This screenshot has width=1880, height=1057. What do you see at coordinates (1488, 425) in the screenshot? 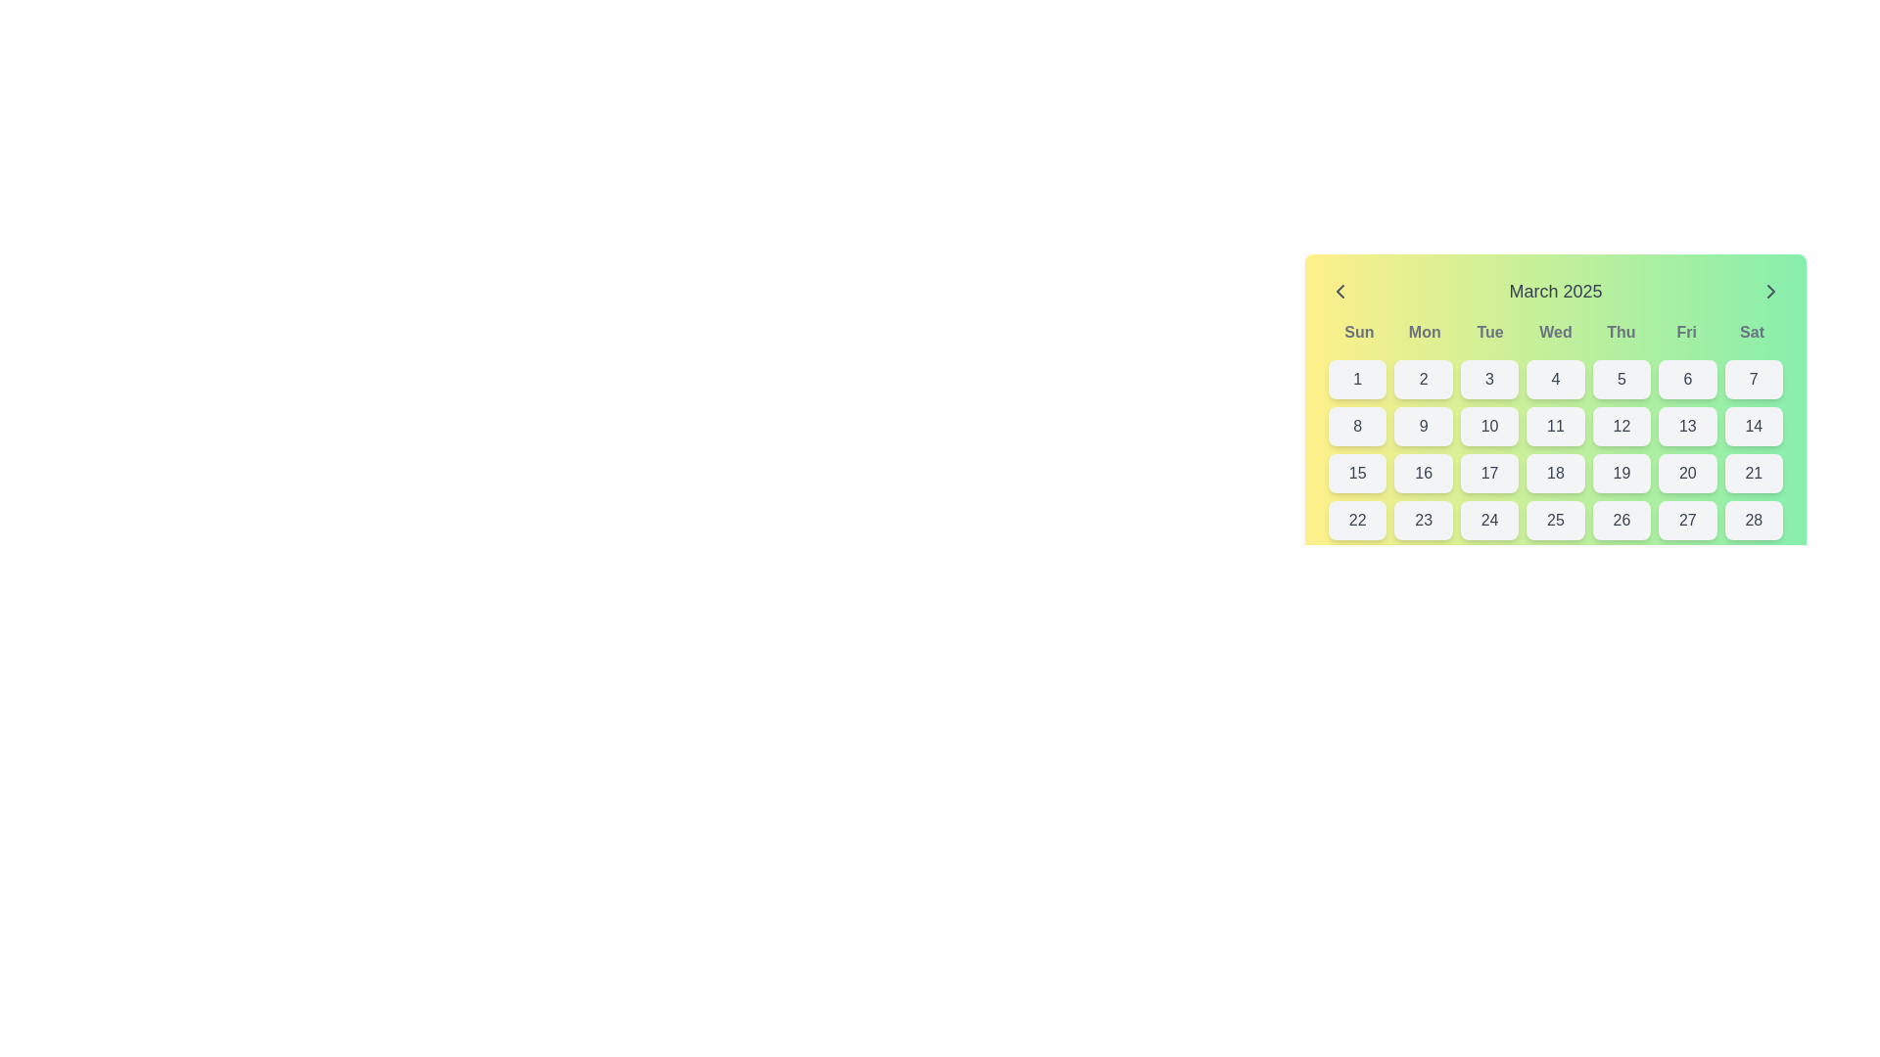
I see `the button displaying the number '10', which has a rectangular shape with rounded corners and a light gray background, located in the second row and third column of the calendar grid` at bounding box center [1488, 425].